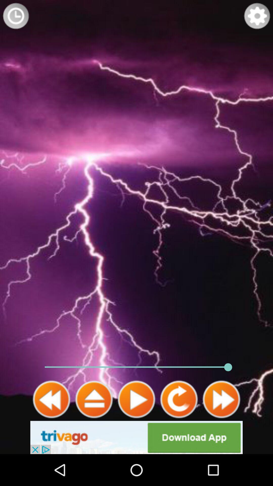 The width and height of the screenshot is (273, 486). What do you see at coordinates (52, 399) in the screenshot?
I see `back button` at bounding box center [52, 399].